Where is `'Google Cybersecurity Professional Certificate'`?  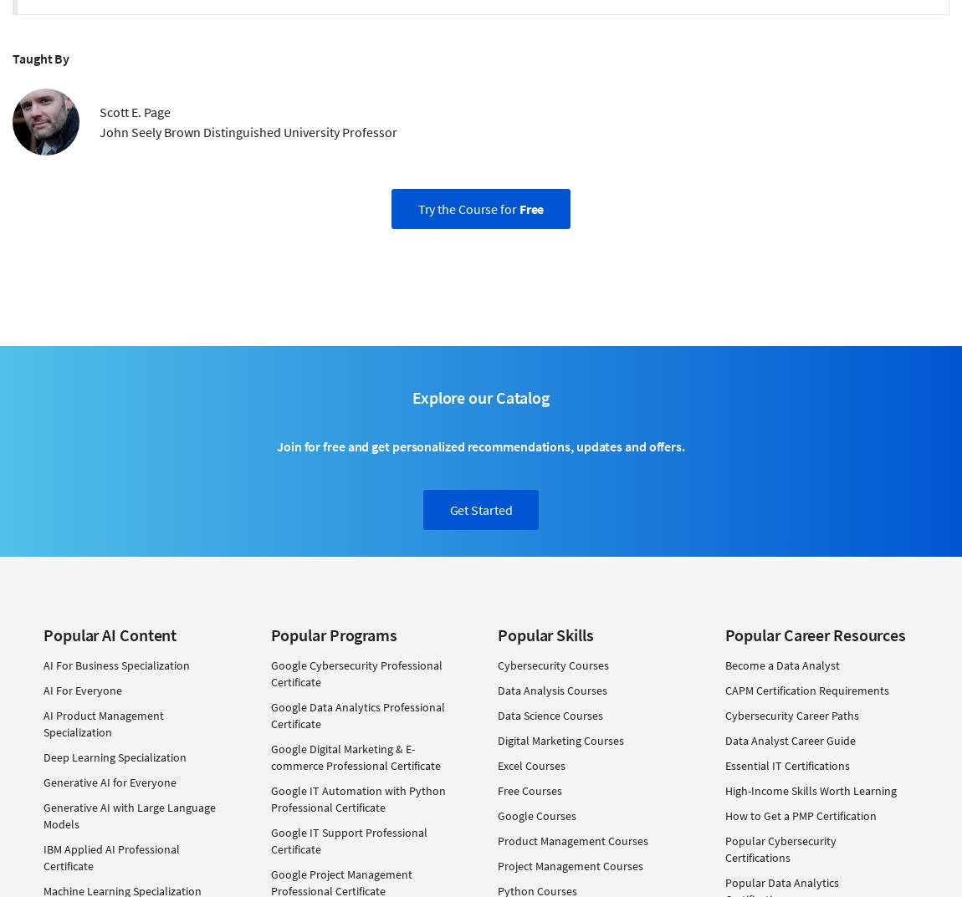
'Google Cybersecurity Professional Certificate' is located at coordinates (356, 672).